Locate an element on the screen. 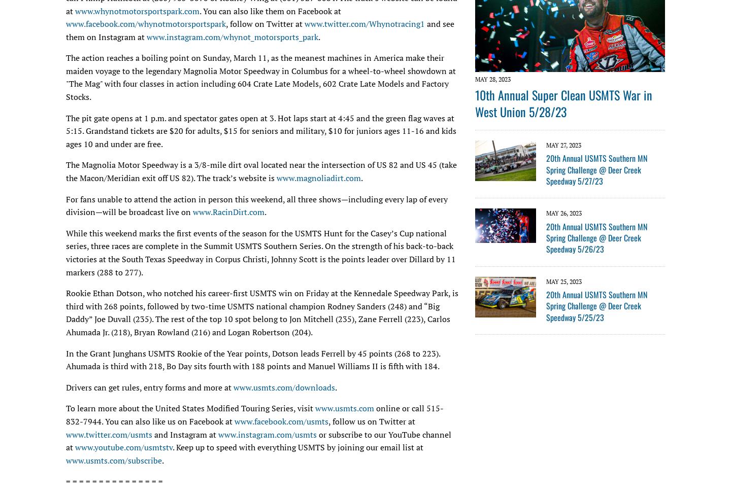  'To learn more about the United States Modified Touring Series, visit' is located at coordinates (190, 407).